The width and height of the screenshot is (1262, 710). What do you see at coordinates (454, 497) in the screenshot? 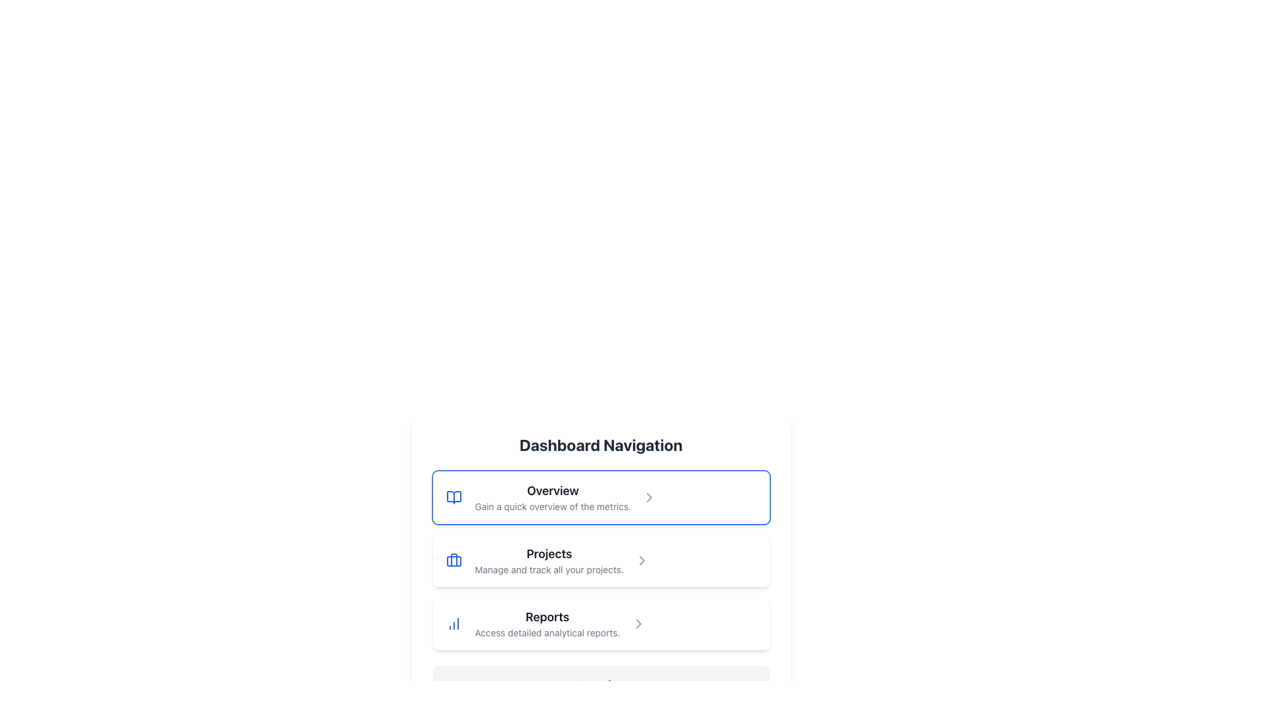
I see `the rounded square-shaped icon with a blue outline and a book-like symbol, located at the leftmost side within the 'Overview' section` at bounding box center [454, 497].